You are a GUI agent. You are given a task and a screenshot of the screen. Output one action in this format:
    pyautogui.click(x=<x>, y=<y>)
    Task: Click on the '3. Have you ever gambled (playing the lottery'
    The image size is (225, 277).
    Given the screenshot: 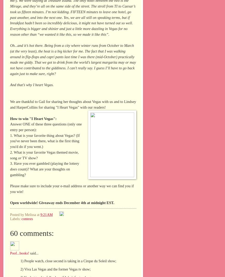 What is the action you would take?
    pyautogui.click(x=10, y=163)
    